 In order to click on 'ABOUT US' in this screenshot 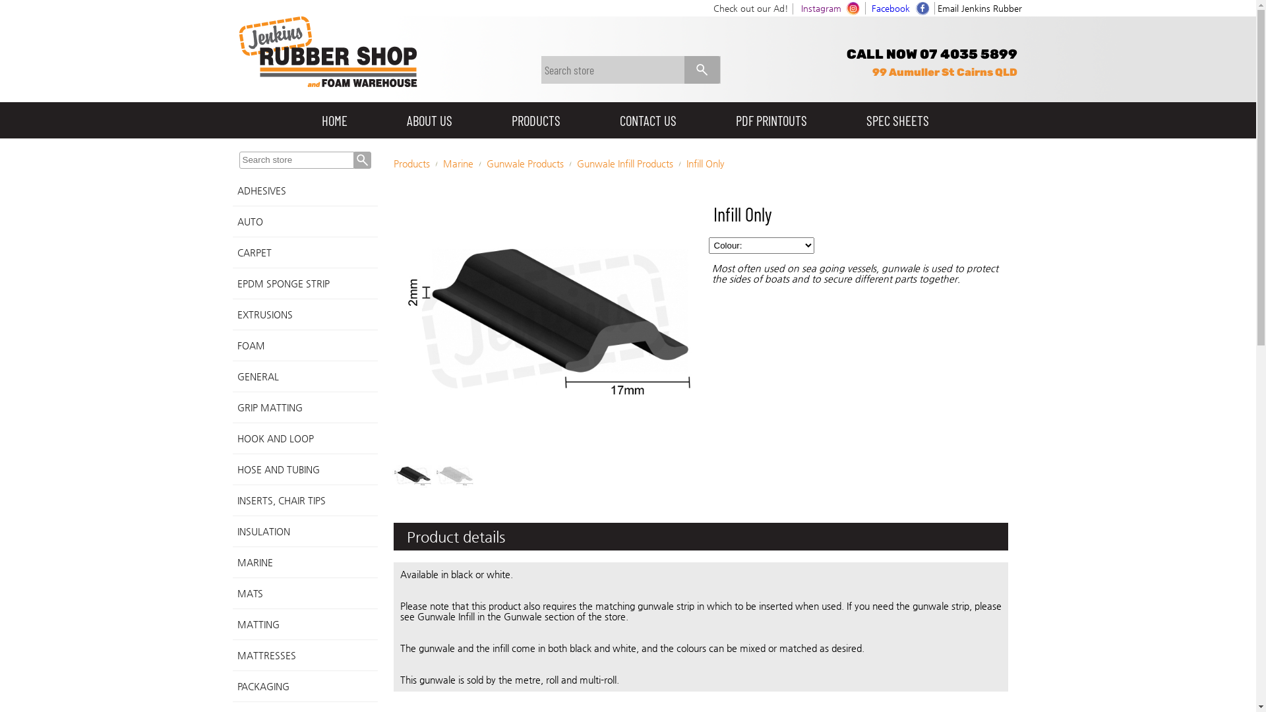, I will do `click(429, 120)`.